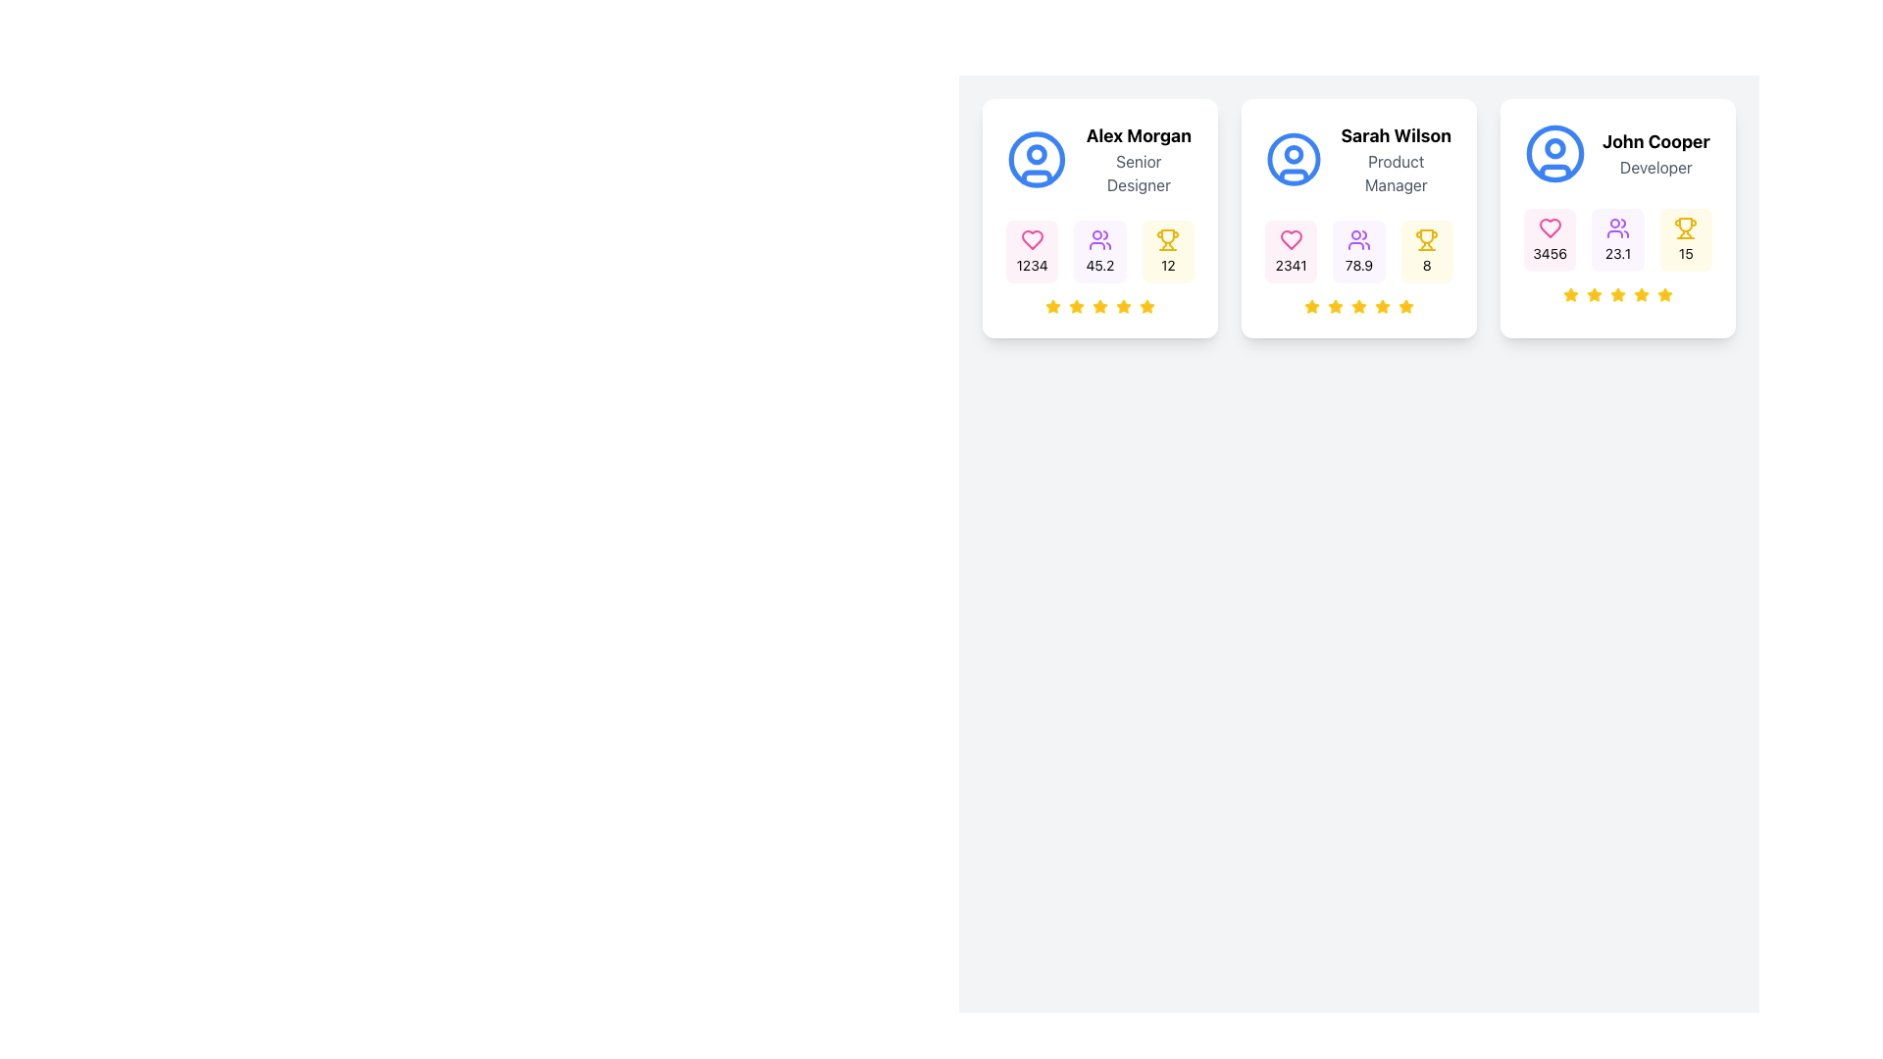 This screenshot has height=1059, width=1883. I want to click on the text display showing the numeric value '1234' located beneath the pink heart icon in the first user card's statistical data, so click(1031, 265).